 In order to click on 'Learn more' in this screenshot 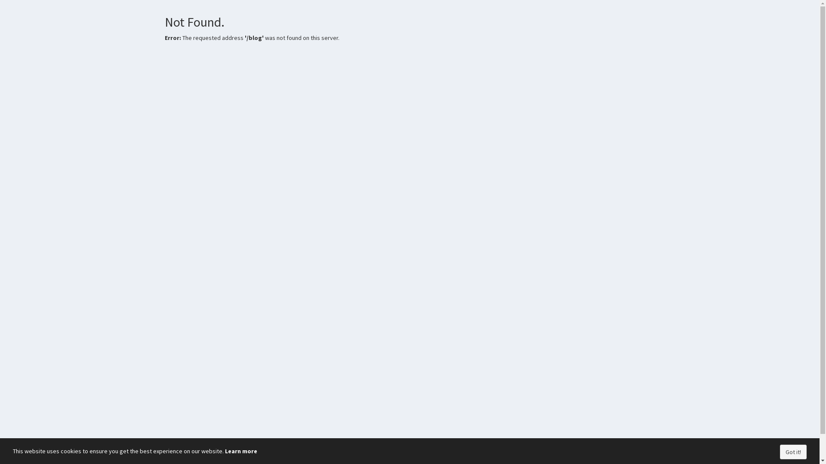, I will do `click(241, 450)`.